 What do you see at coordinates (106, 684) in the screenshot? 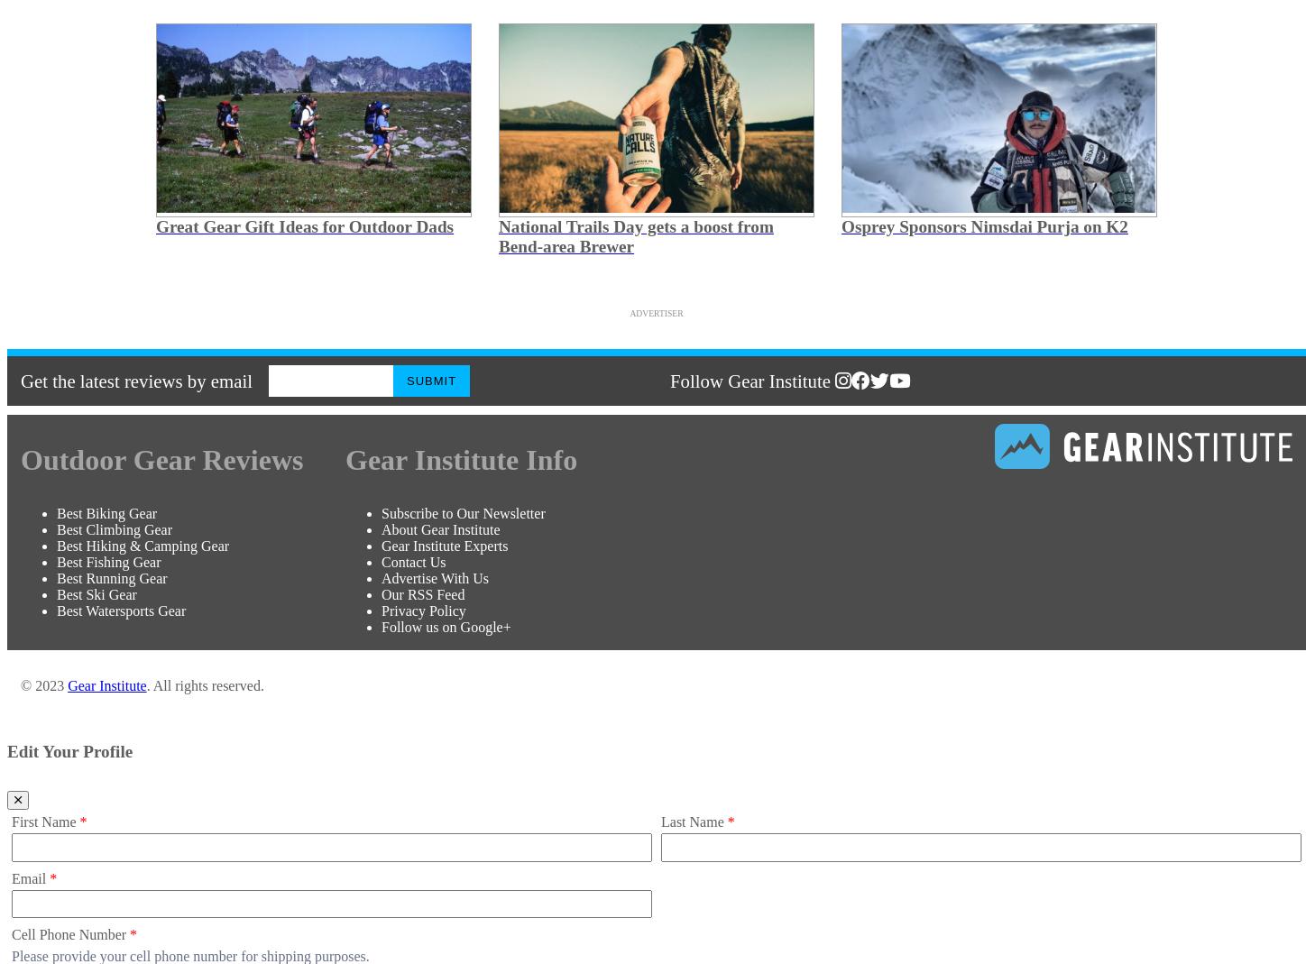
I see `'Gear Institute'` at bounding box center [106, 684].